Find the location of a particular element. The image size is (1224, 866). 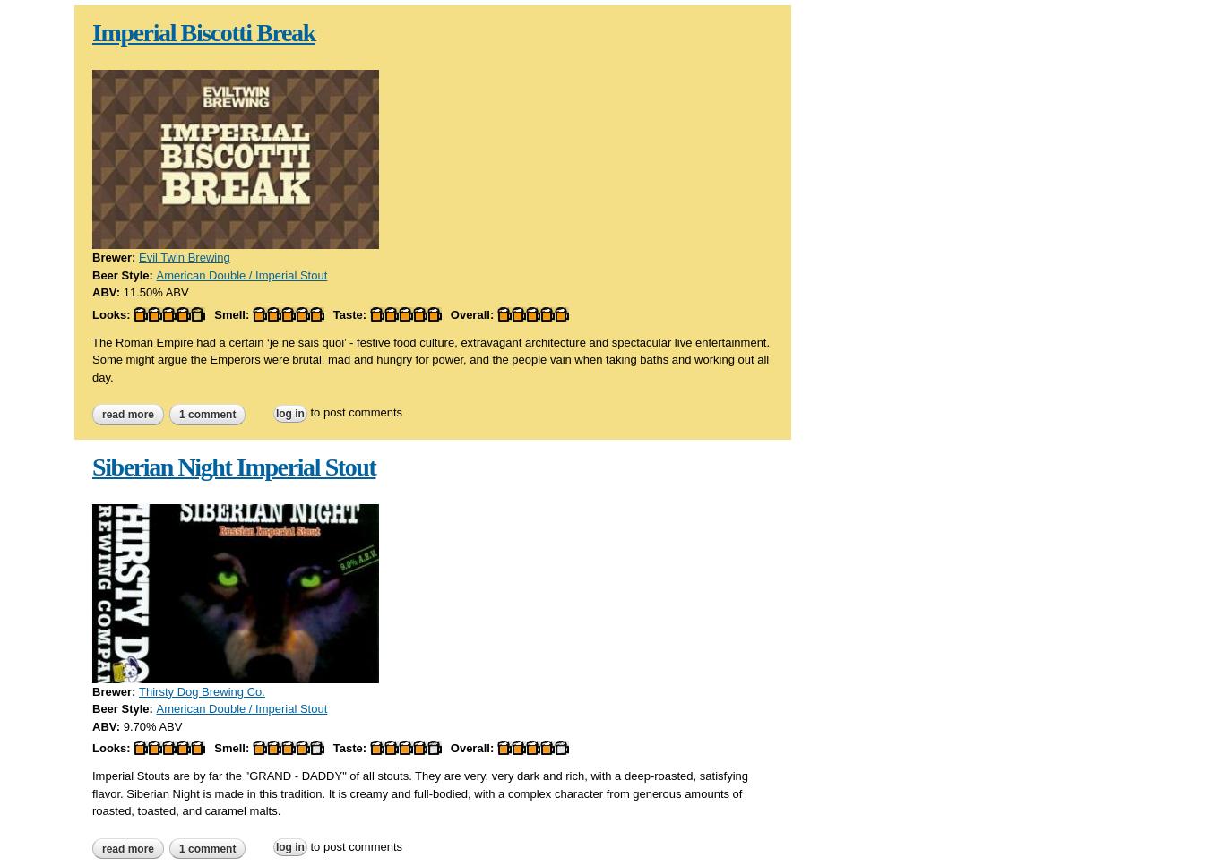

'Siberian Night Imperial Stout' is located at coordinates (234, 465).